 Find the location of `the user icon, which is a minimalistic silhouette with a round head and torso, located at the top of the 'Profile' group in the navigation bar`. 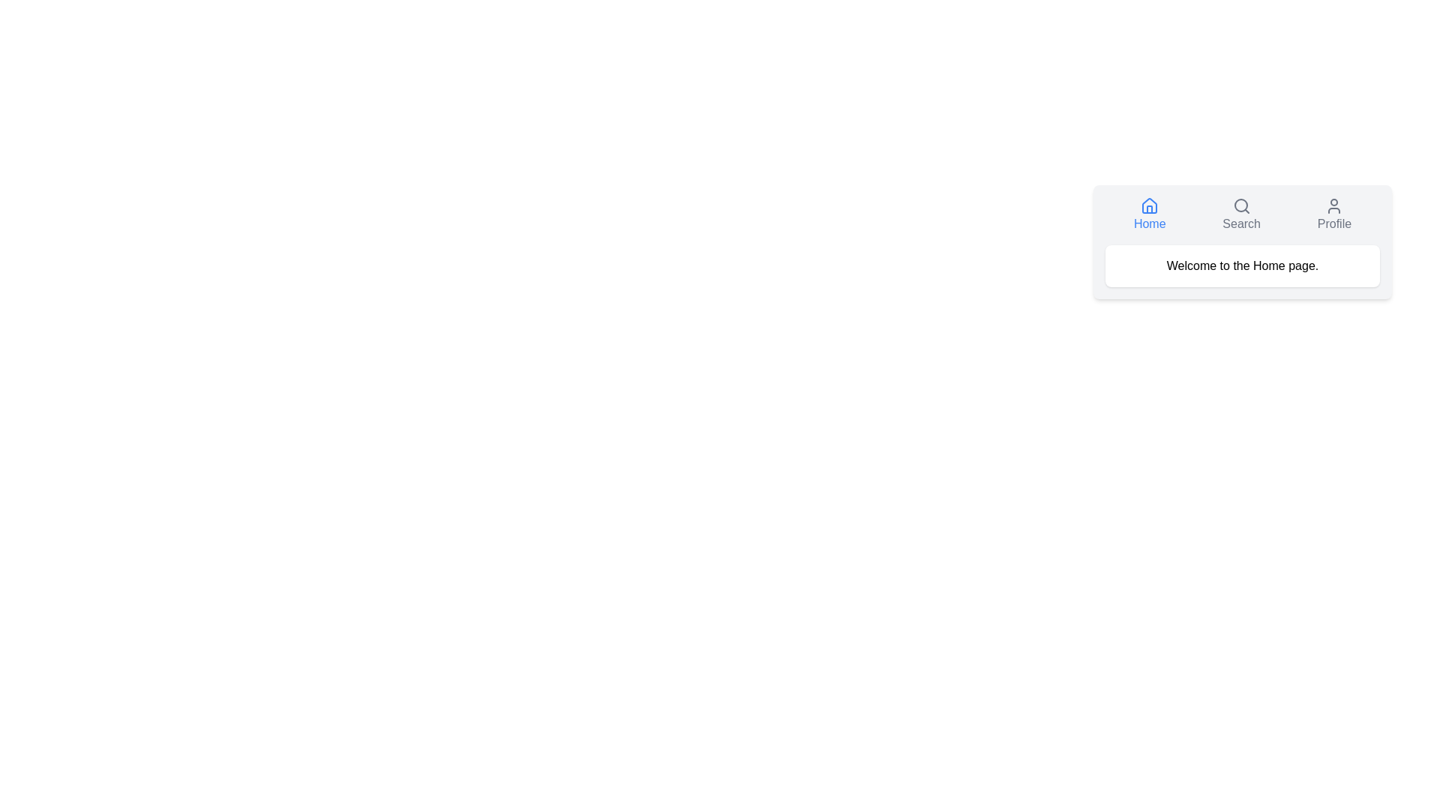

the user icon, which is a minimalistic silhouette with a round head and torso, located at the top of the 'Profile' group in the navigation bar is located at coordinates (1334, 205).